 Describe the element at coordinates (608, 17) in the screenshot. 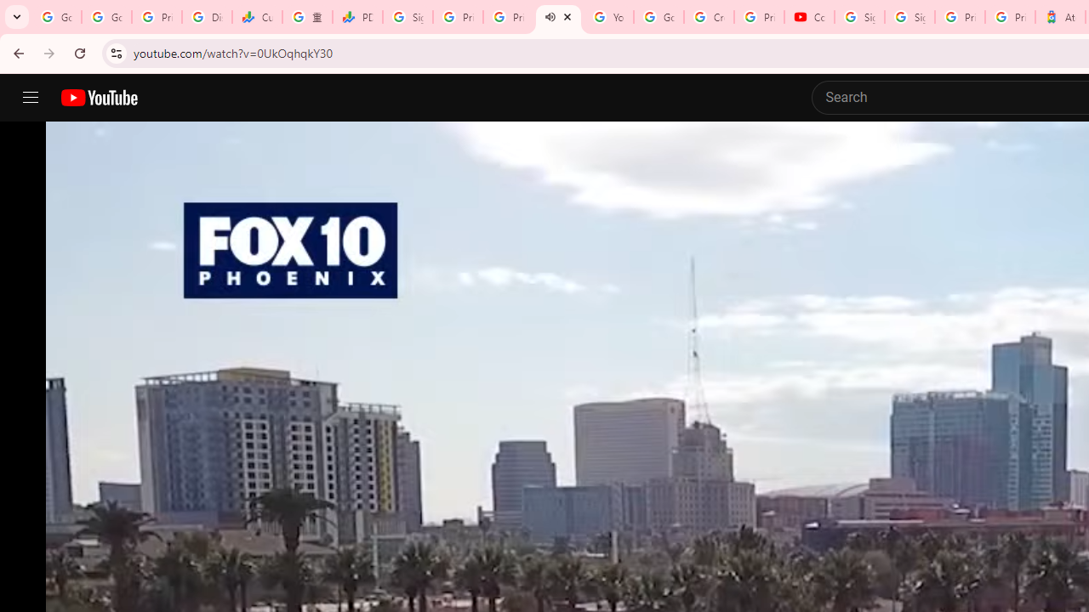

I see `'YouTube'` at that location.